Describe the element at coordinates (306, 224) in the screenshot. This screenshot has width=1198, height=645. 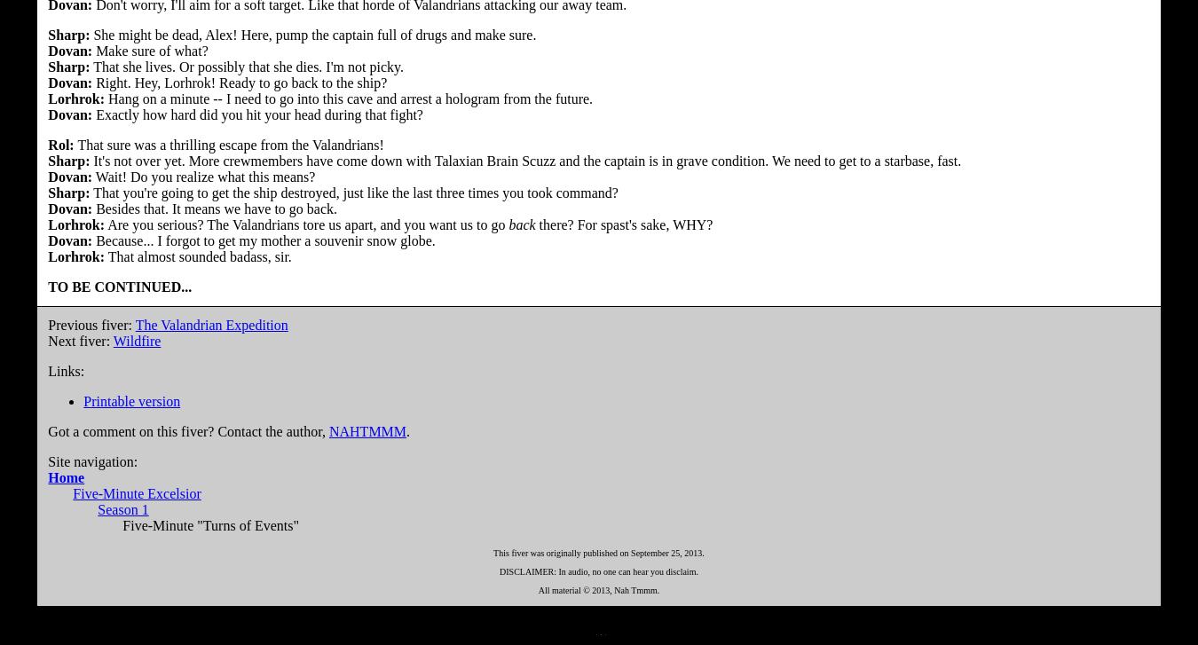
I see `'Are you serious? The Valandrians tore us apart, and you want us to go'` at that location.